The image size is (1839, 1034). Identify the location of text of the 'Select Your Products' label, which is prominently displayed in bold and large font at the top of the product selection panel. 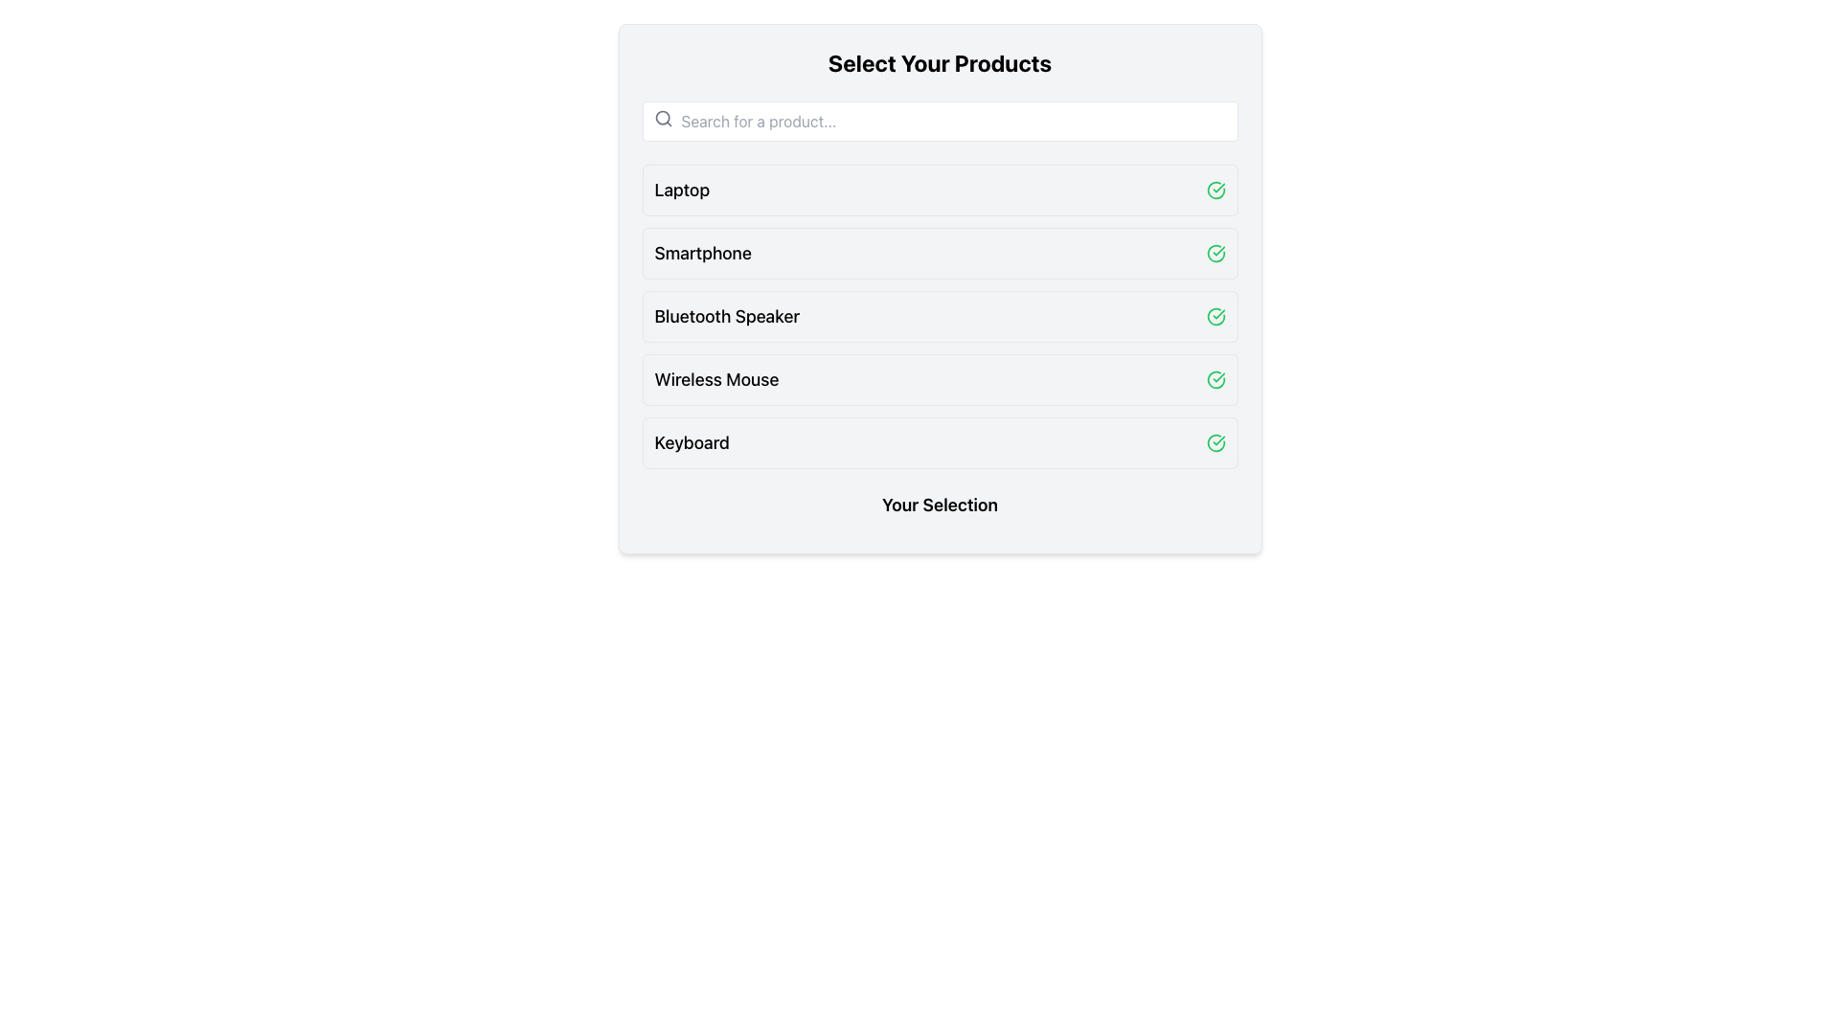
(940, 61).